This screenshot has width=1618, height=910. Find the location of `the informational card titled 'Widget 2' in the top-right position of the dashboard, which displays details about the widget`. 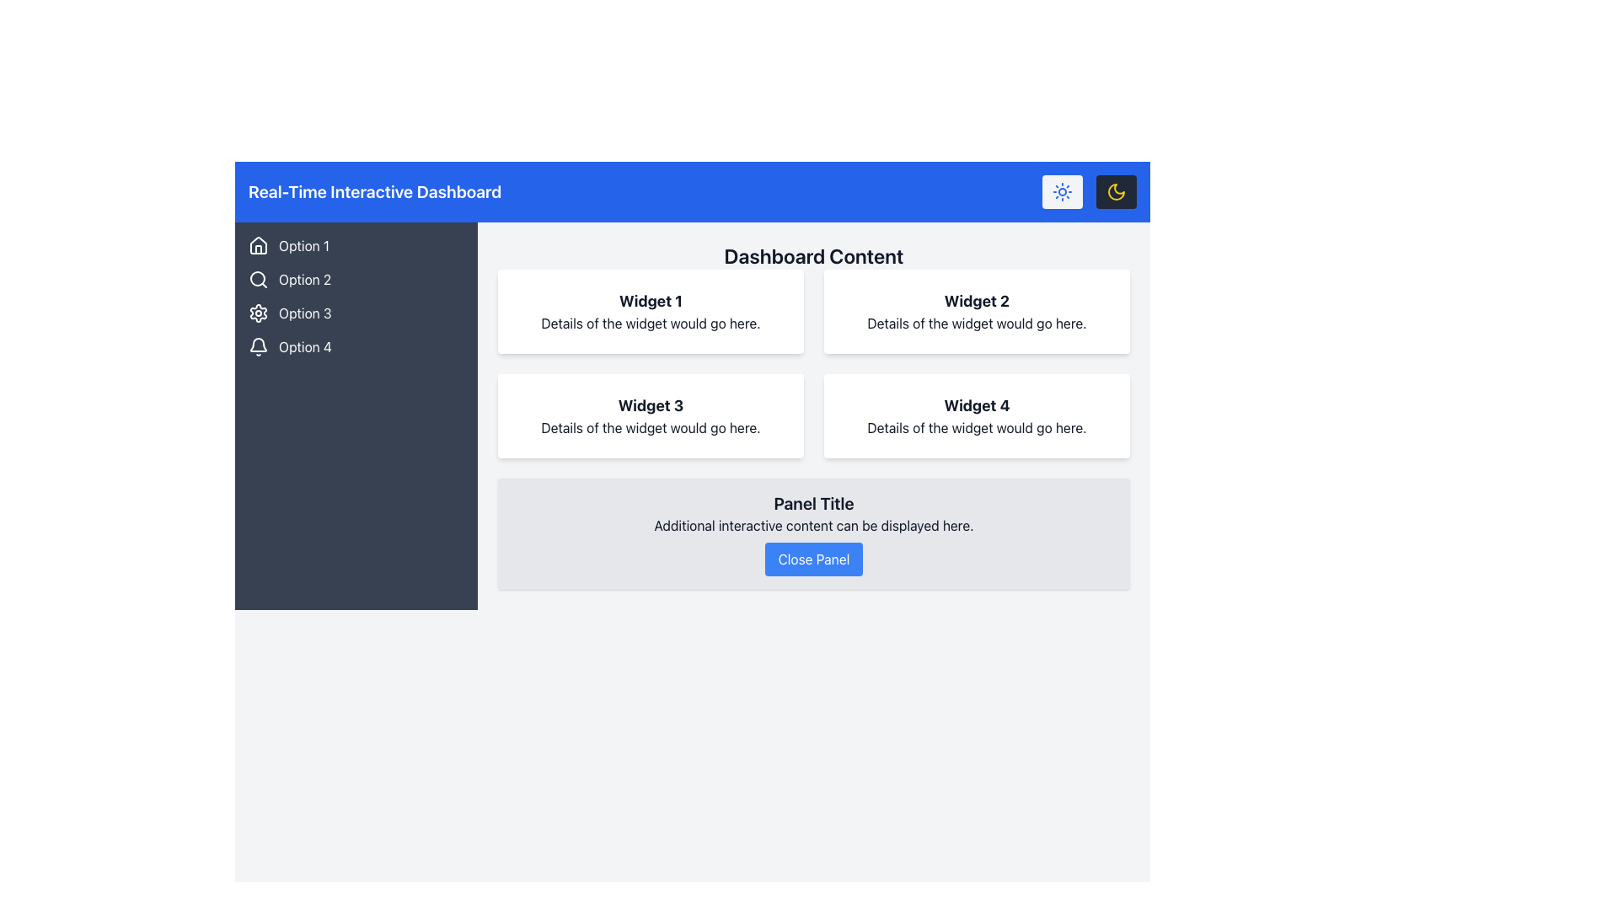

the informational card titled 'Widget 2' in the top-right position of the dashboard, which displays details about the widget is located at coordinates (977, 312).